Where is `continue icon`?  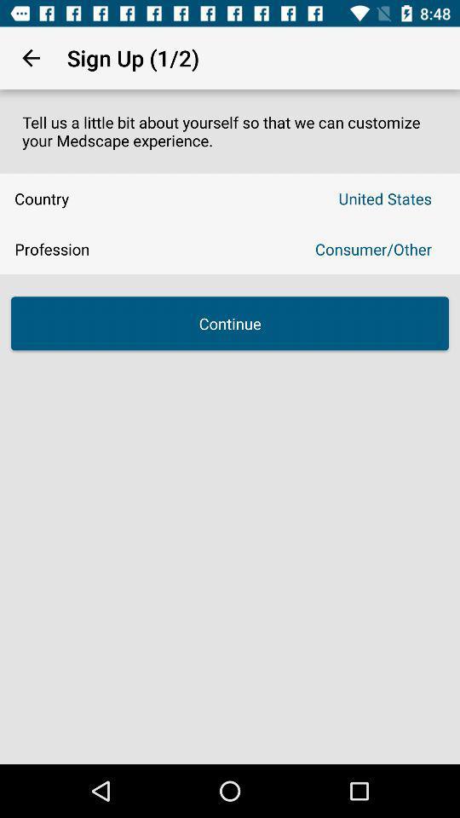 continue icon is located at coordinates (230, 322).